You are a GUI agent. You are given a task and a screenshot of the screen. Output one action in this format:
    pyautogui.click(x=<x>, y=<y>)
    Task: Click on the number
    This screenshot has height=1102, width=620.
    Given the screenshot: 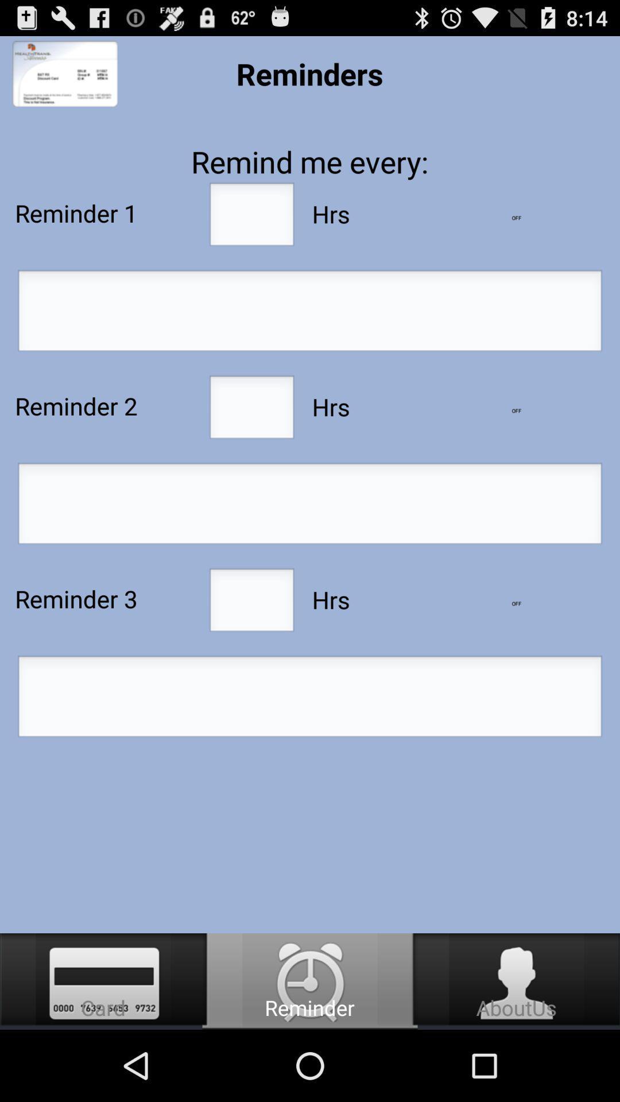 What is the action you would take?
    pyautogui.click(x=251, y=410)
    